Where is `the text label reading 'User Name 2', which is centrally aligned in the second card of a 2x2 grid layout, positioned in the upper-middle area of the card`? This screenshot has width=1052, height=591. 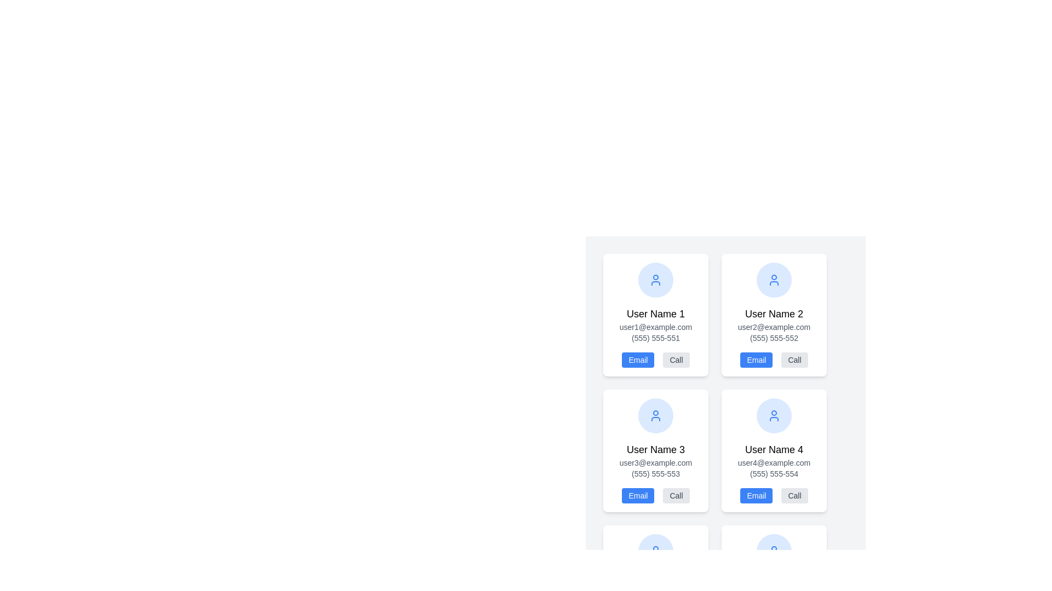 the text label reading 'User Name 2', which is centrally aligned in the second card of a 2x2 grid layout, positioned in the upper-middle area of the card is located at coordinates (773, 314).